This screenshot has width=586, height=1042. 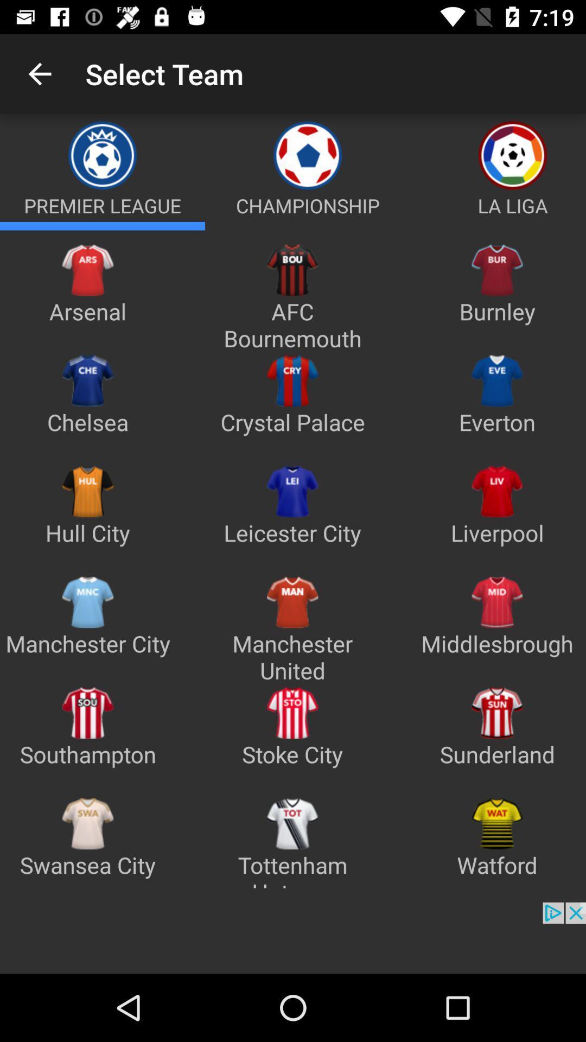 I want to click on details about advertisement, so click(x=293, y=937).